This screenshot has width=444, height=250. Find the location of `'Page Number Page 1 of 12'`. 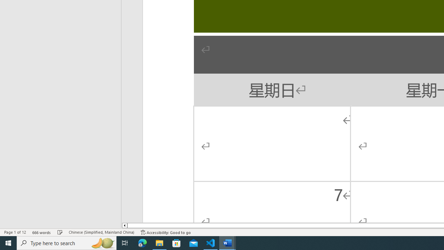

'Page Number Page 1 of 12' is located at coordinates (15, 232).